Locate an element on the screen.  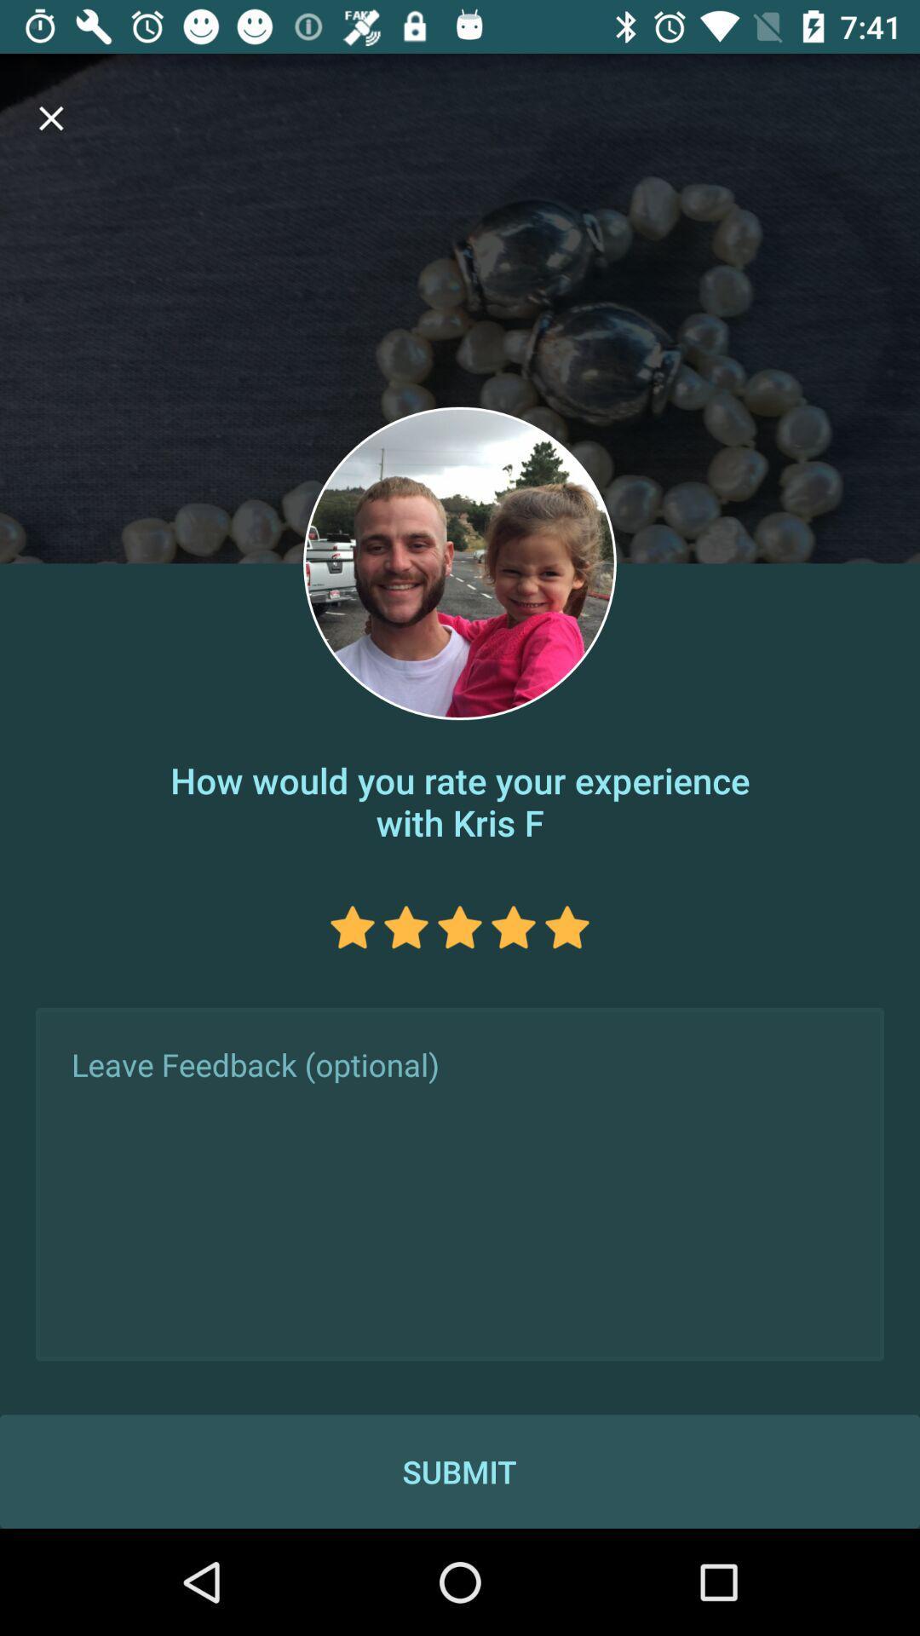
rate your experience is located at coordinates (460, 926).